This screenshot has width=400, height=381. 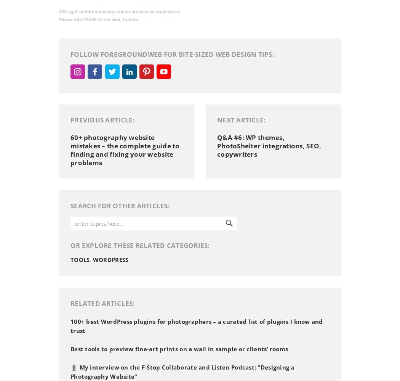 What do you see at coordinates (120, 11) in the screenshot?
I see `'Off-topic or inflammatory comments may be moderated.'` at bounding box center [120, 11].